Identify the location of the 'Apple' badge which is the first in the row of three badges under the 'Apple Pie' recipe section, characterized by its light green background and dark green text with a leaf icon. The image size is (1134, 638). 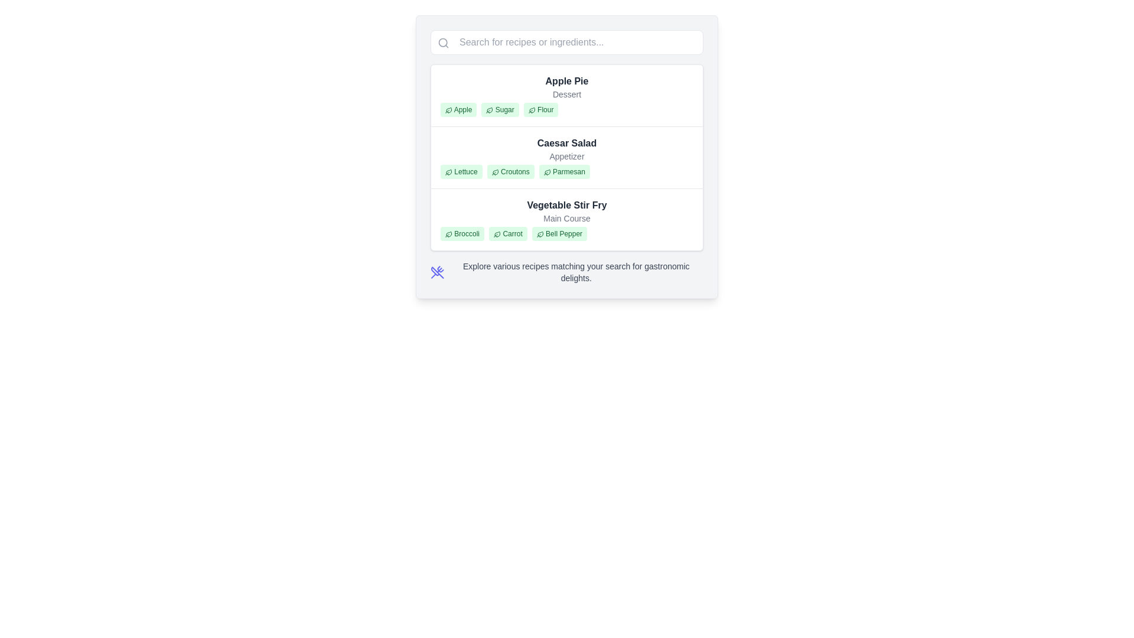
(458, 109).